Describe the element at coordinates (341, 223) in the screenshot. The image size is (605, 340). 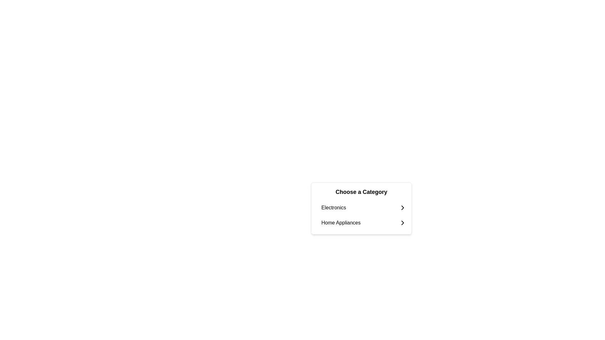
I see `the 'Home Appliances' text label, which is bold and located in the middle of a white card interface, below the 'Electronics' text and next to a right-pointing arrow icon` at that location.